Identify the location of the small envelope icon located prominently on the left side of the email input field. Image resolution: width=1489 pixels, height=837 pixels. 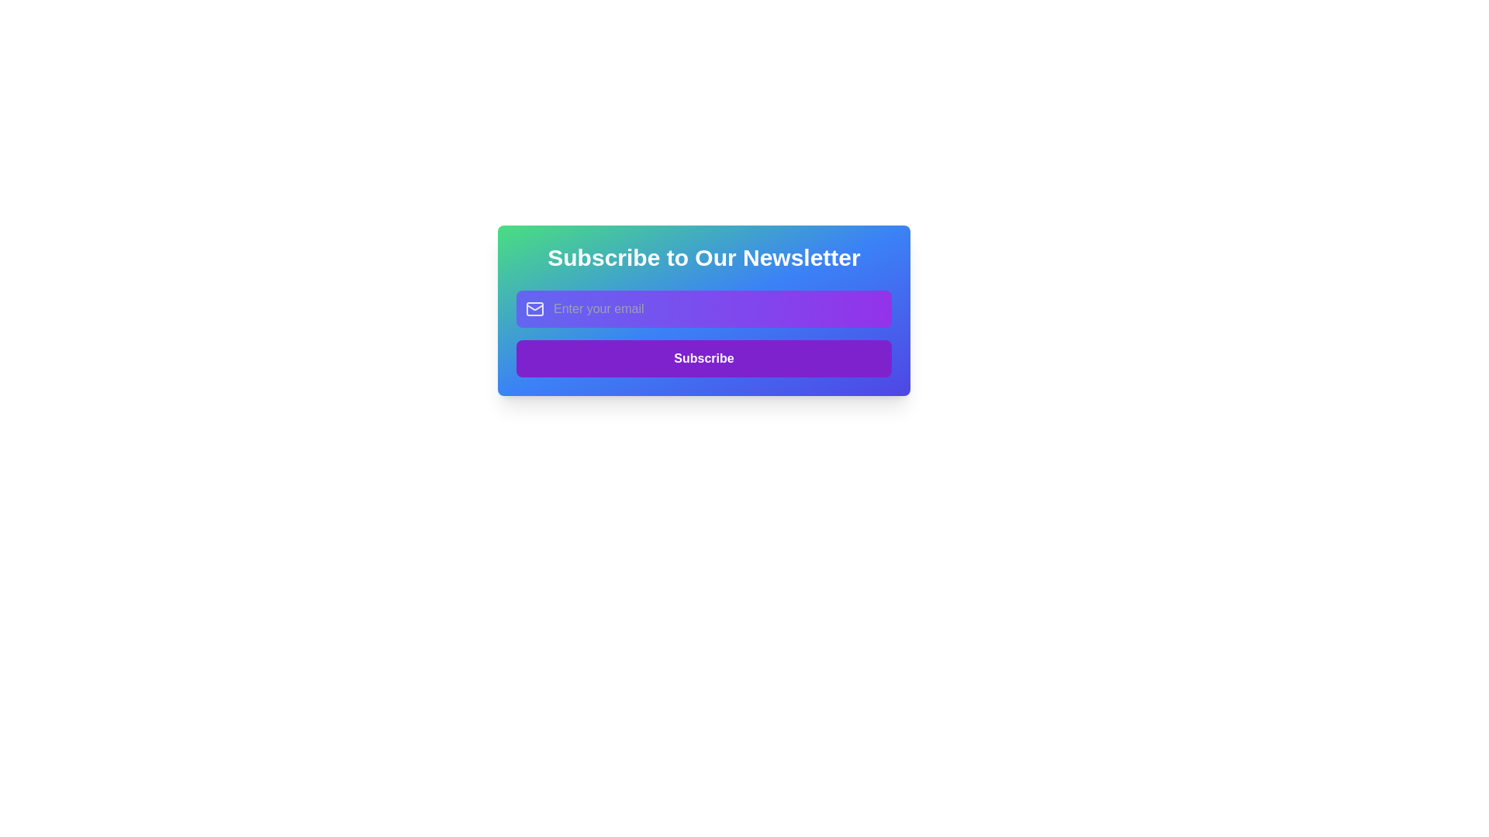
(535, 308).